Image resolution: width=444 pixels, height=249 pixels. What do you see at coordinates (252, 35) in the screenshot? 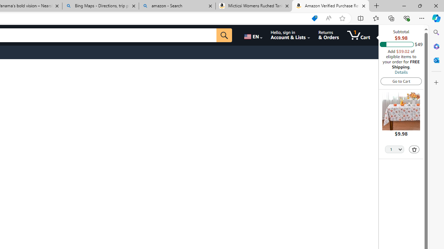
I see `'Choose a language for shopping.'` at bounding box center [252, 35].